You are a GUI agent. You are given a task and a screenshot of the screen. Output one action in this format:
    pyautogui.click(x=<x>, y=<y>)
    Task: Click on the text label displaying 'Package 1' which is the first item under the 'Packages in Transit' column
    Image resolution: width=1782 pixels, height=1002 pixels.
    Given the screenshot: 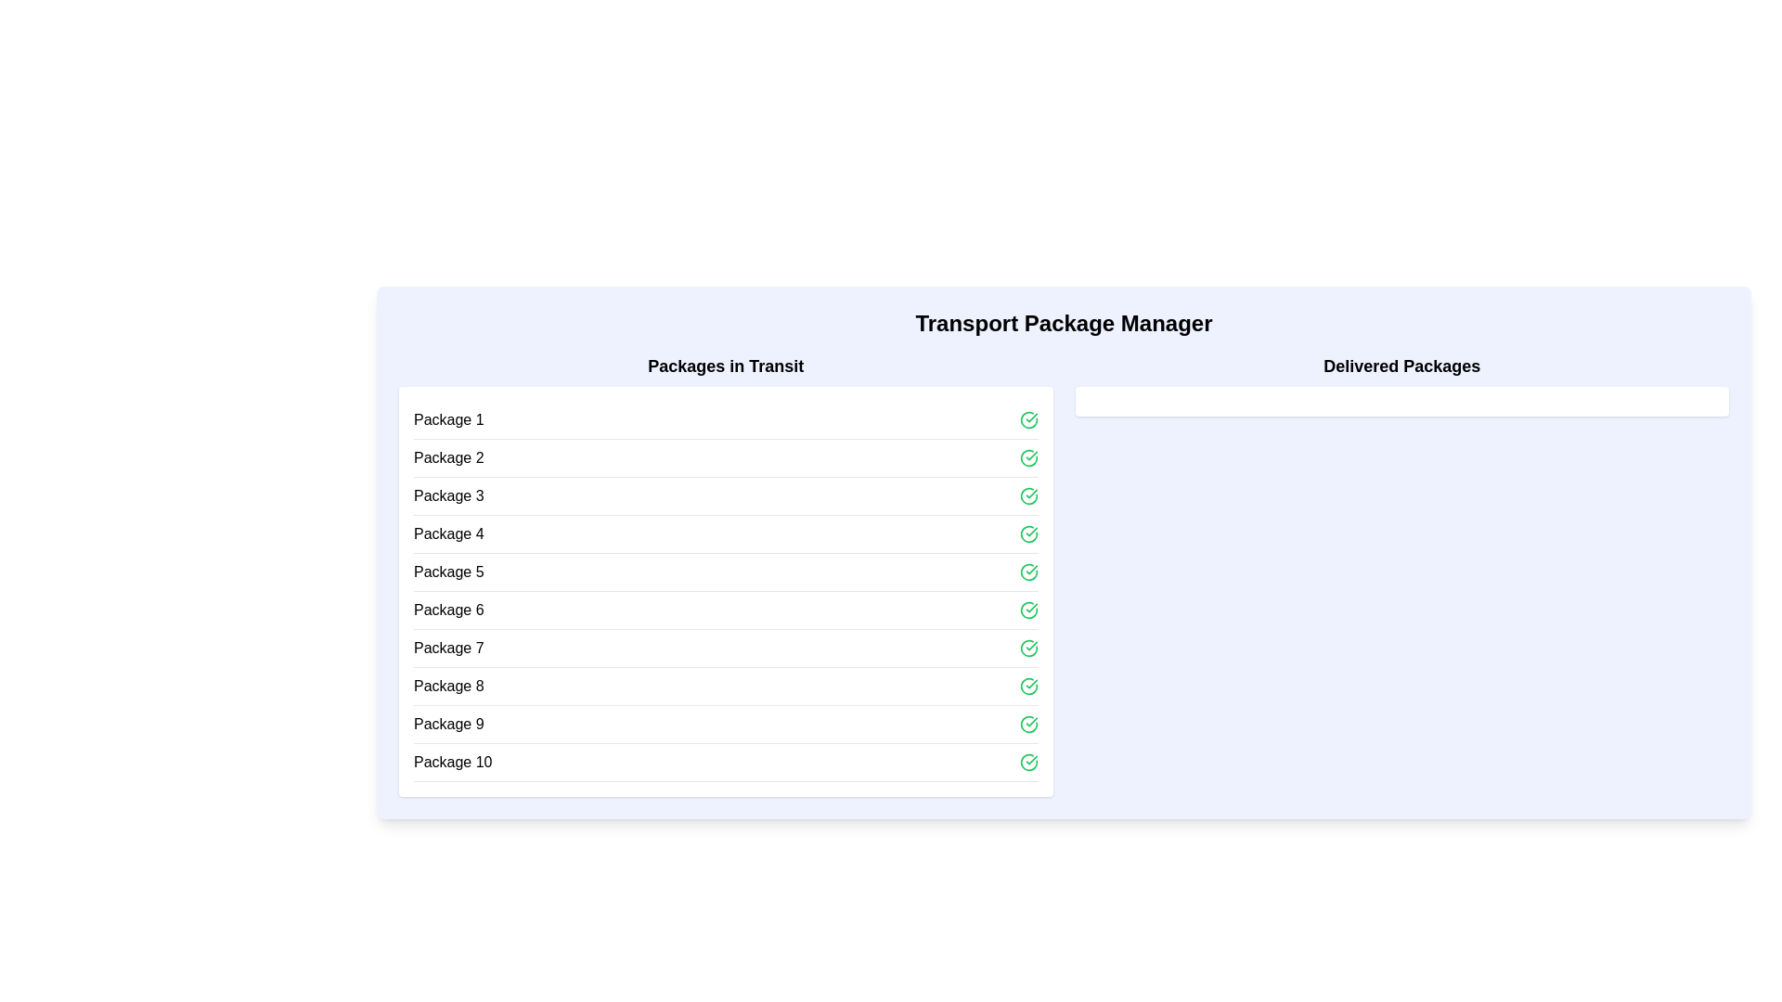 What is the action you would take?
    pyautogui.click(x=448, y=419)
    